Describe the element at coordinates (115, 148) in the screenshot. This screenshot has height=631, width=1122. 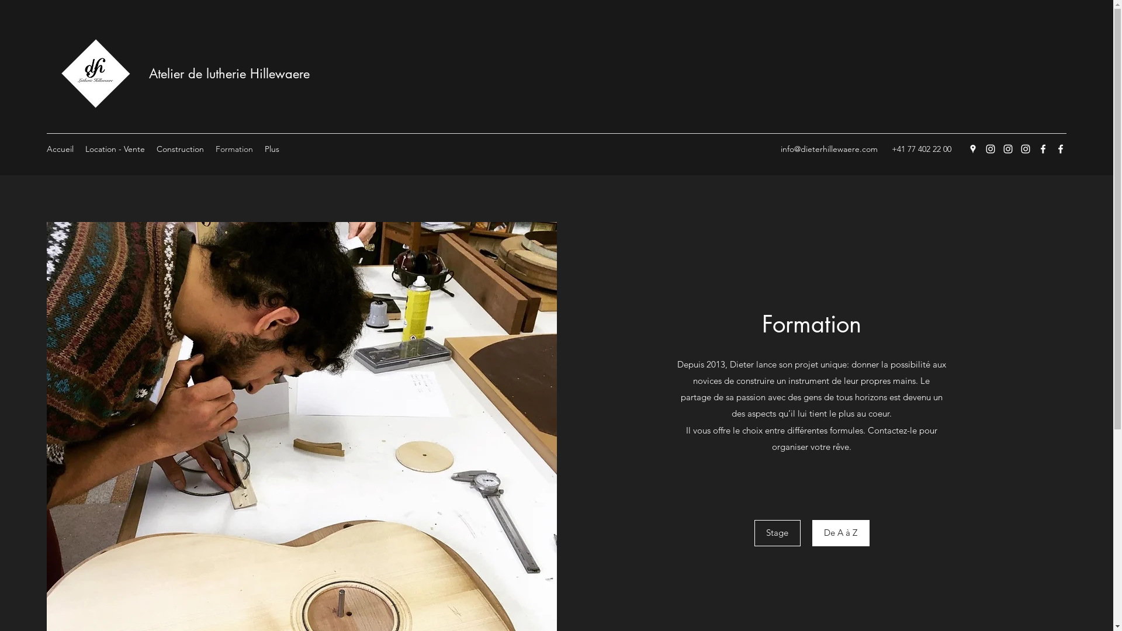
I see `'Location - Vente'` at that location.